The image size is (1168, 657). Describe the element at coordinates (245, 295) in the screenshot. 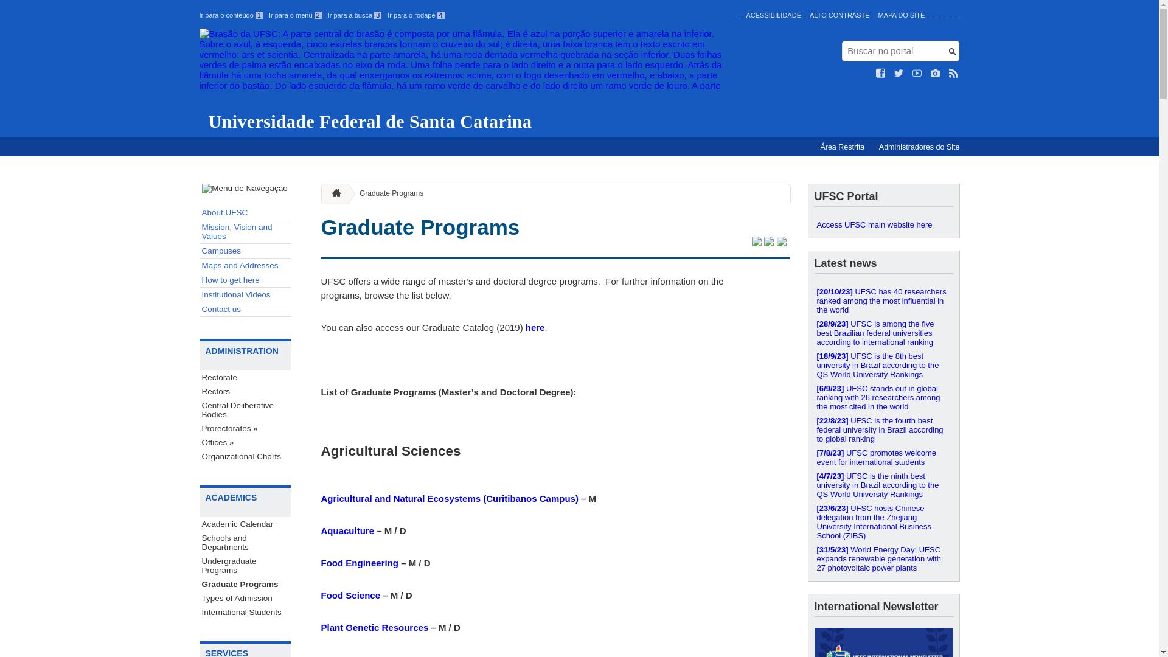

I see `'Institutional Videos'` at that location.